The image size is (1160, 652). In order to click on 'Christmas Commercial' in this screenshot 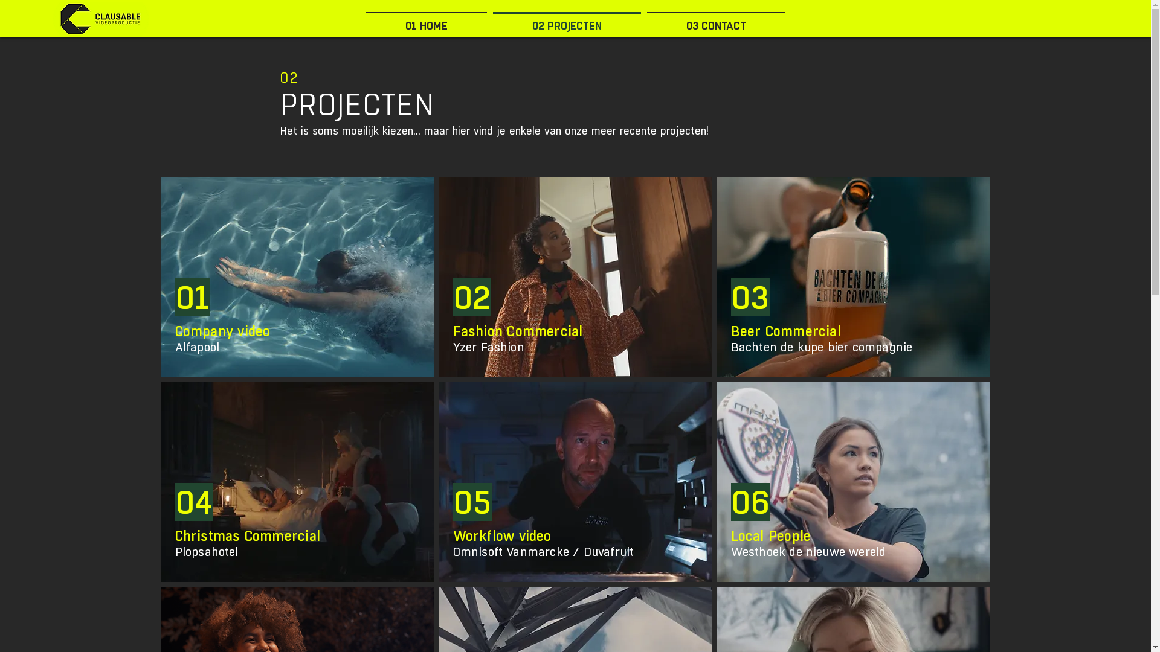, I will do `click(247, 535)`.